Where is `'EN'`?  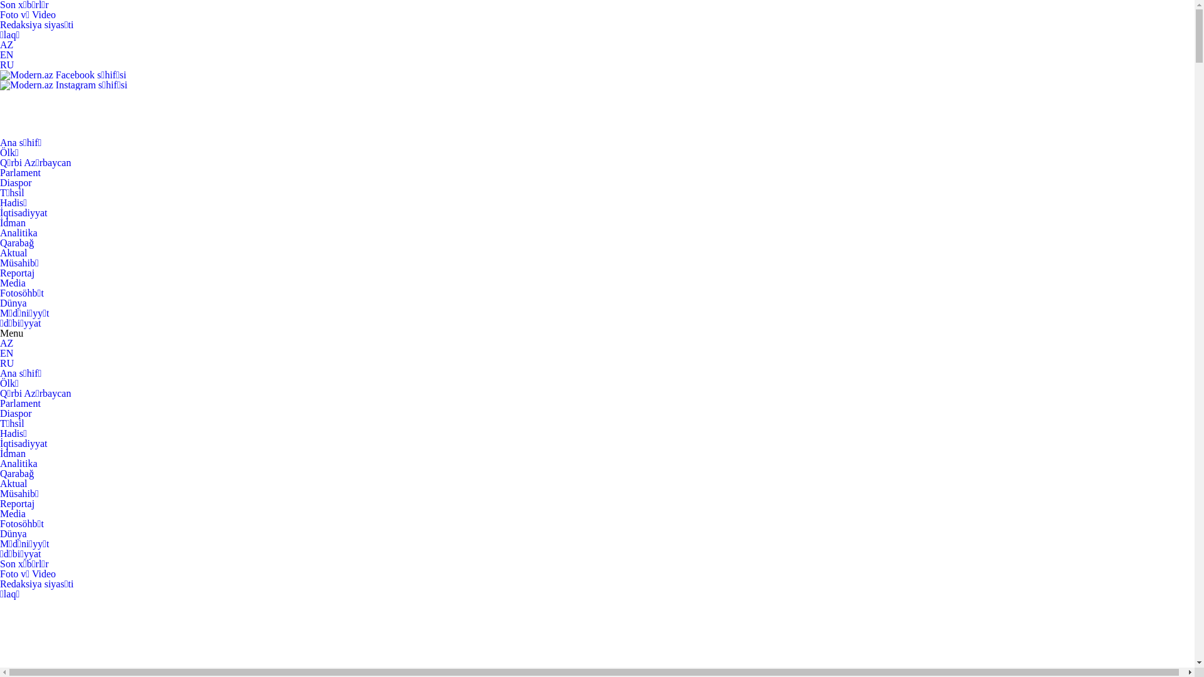 'EN' is located at coordinates (6, 353).